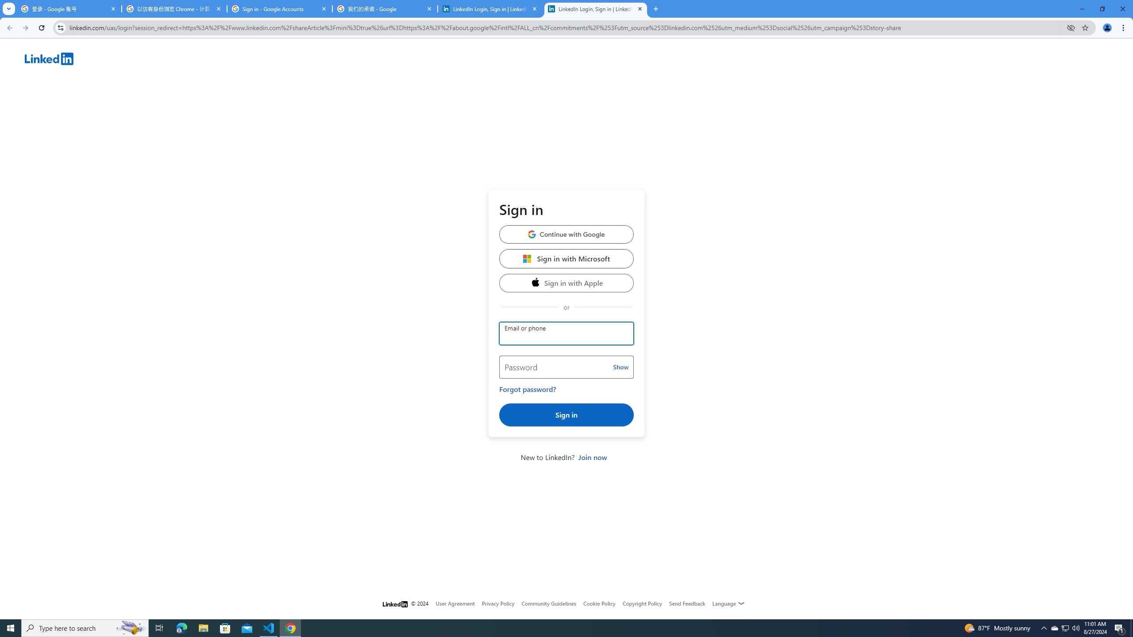 This screenshot has height=637, width=1133. Describe the element at coordinates (566, 258) in the screenshot. I see `'Sign in with Microsoft'` at that location.